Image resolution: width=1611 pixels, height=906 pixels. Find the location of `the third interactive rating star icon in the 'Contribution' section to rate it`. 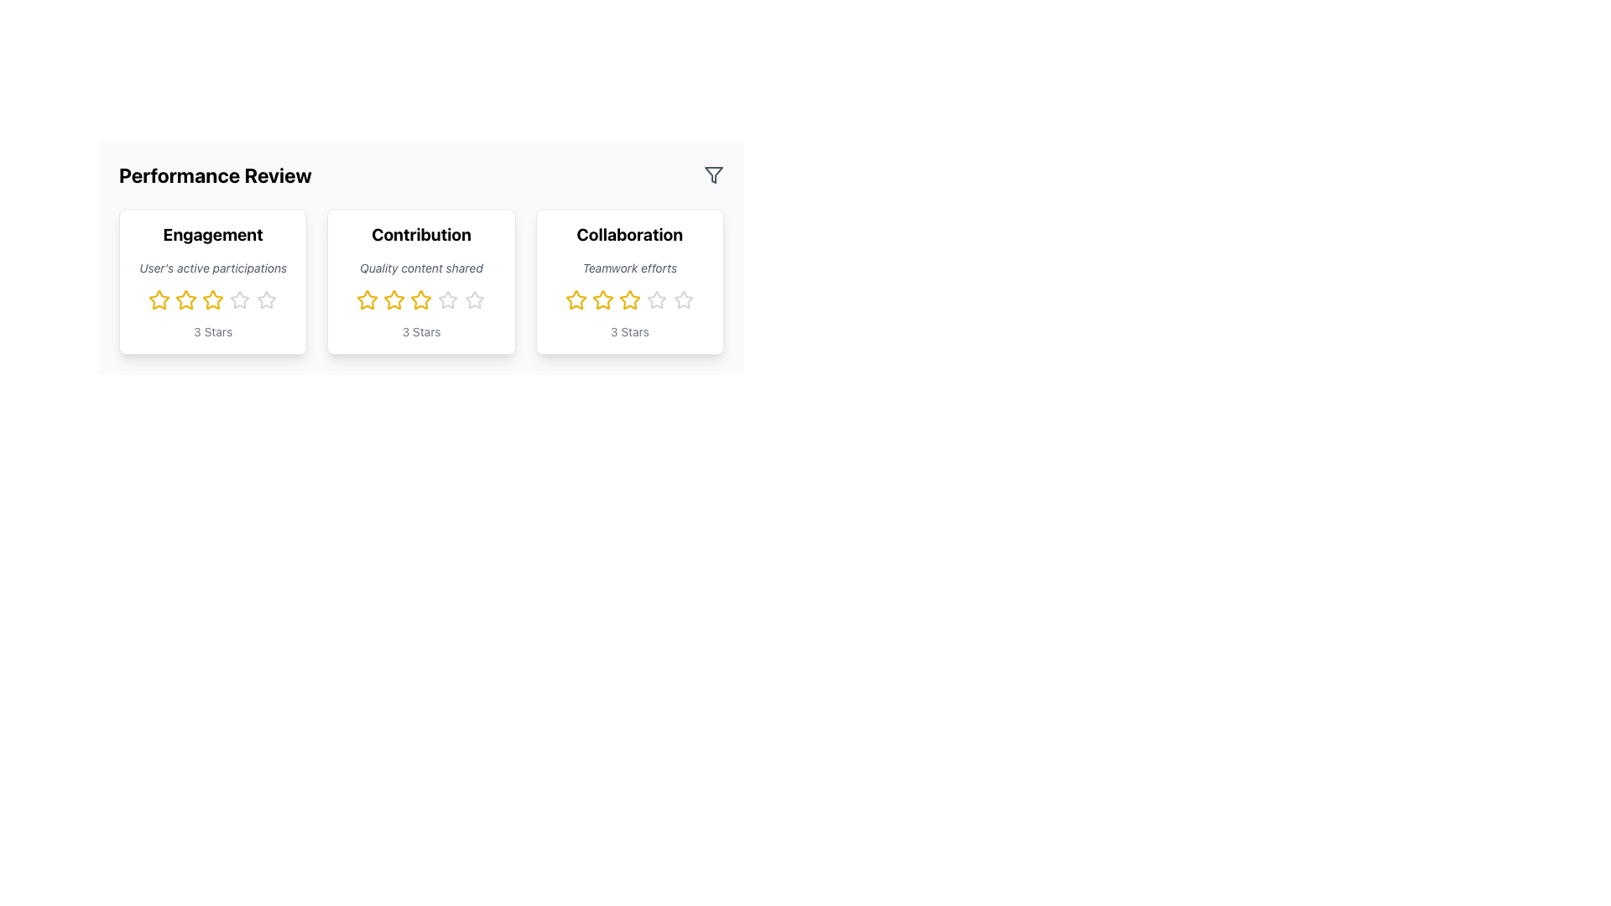

the third interactive rating star icon in the 'Contribution' section to rate it is located at coordinates (421, 299).